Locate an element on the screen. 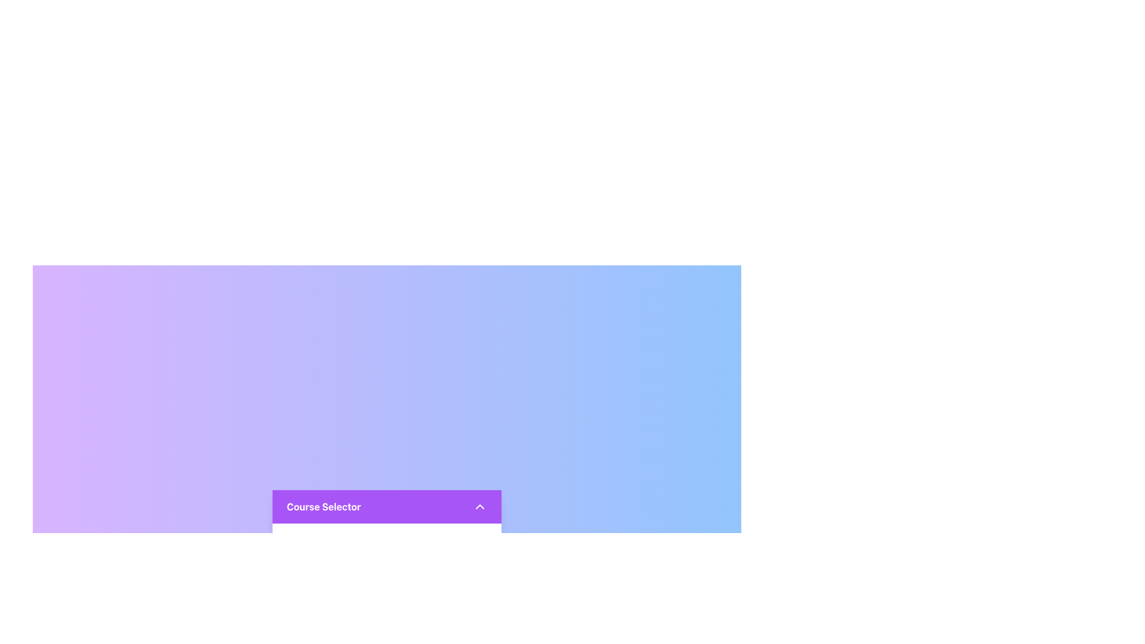 This screenshot has width=1145, height=644. the 'Course Selector' text label displayed in bold font style, located within a purple background area on the left side of the horizontal bar is located at coordinates (324, 506).